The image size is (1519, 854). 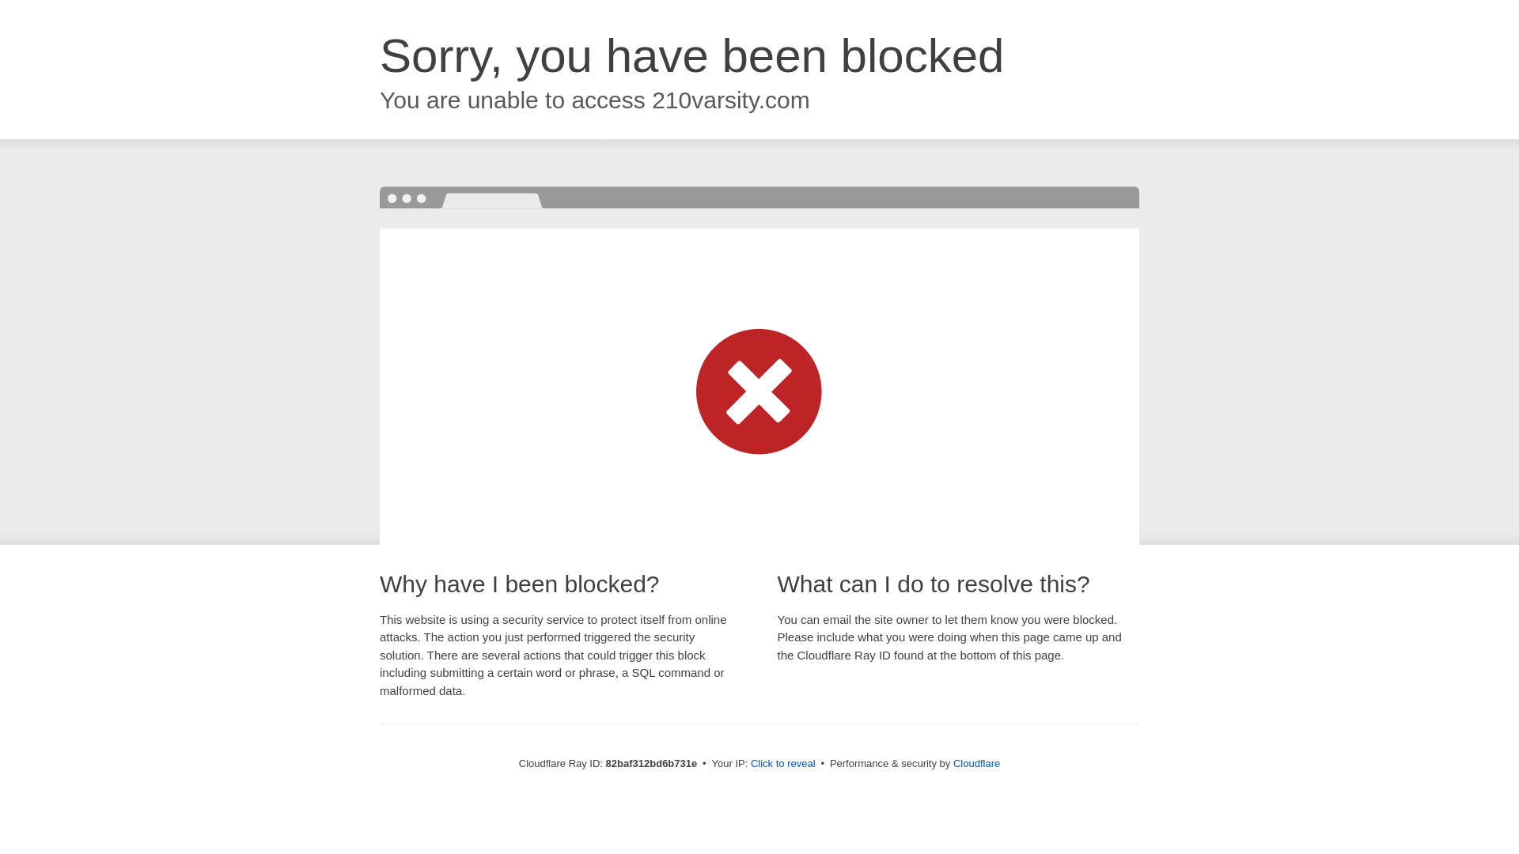 I want to click on 'Cloudflare', so click(x=975, y=762).